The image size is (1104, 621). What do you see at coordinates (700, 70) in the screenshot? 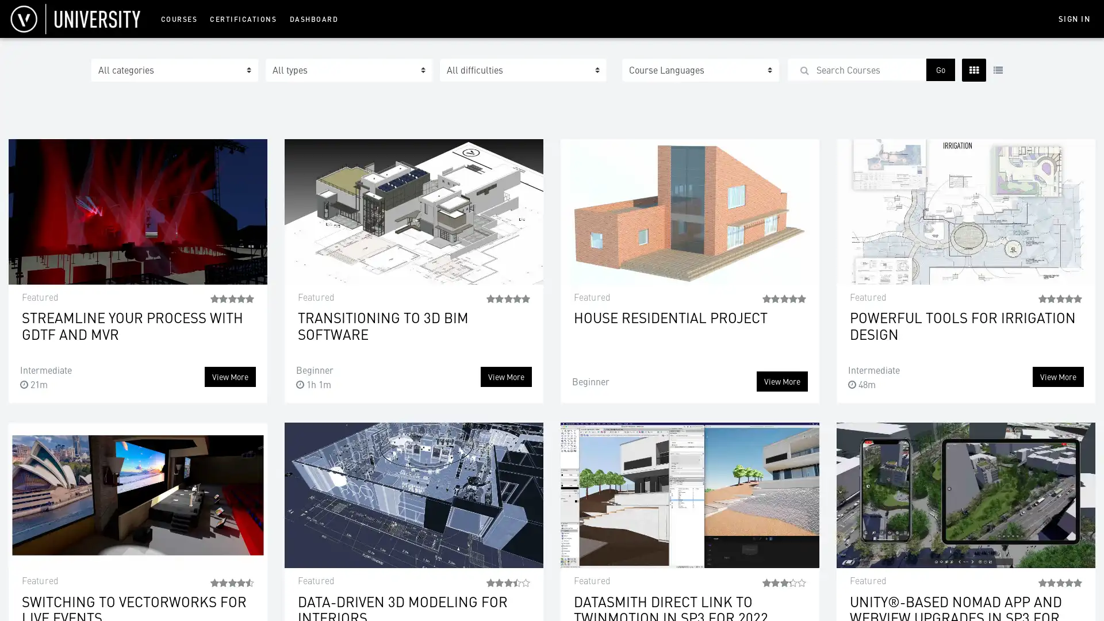
I see `Course Languages` at bounding box center [700, 70].